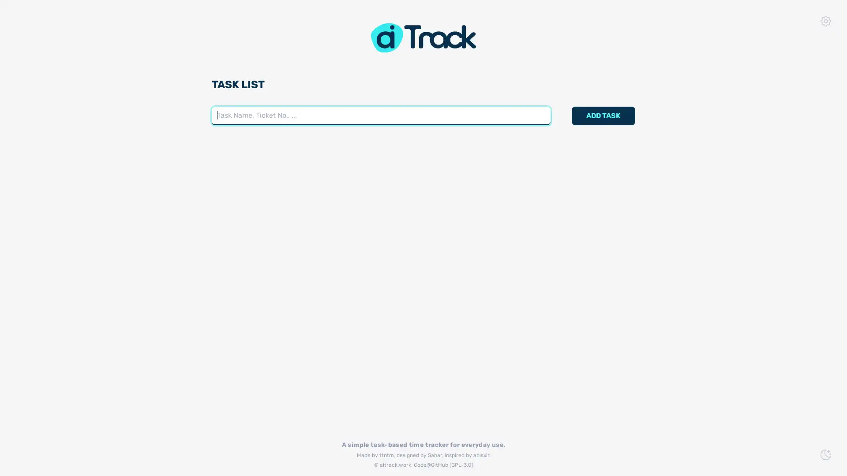  I want to click on App Settings, so click(825, 20).